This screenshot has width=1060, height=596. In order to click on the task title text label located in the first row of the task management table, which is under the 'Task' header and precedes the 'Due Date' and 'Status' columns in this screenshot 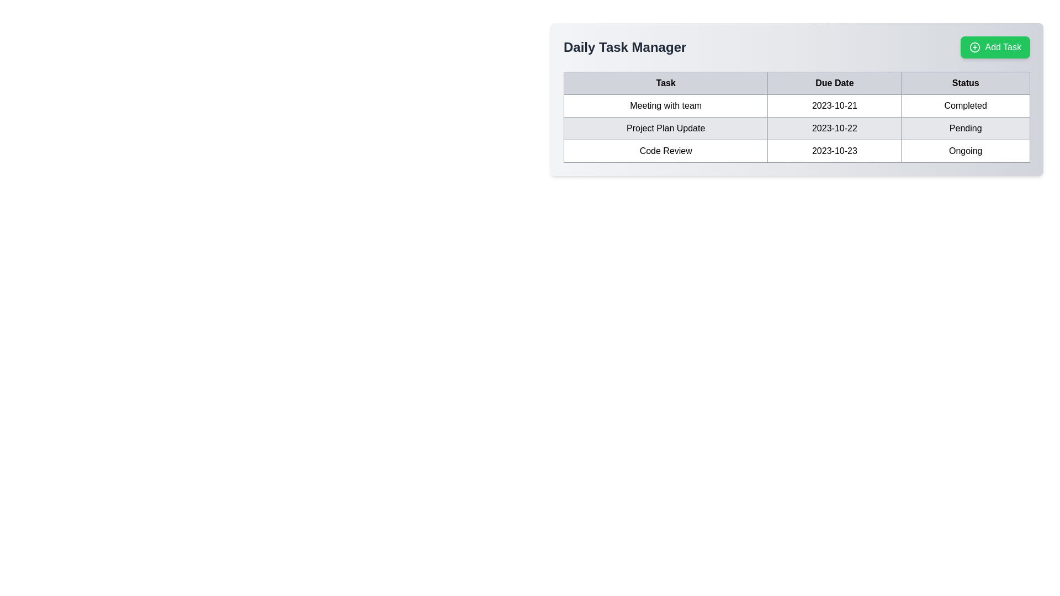, I will do `click(665, 106)`.